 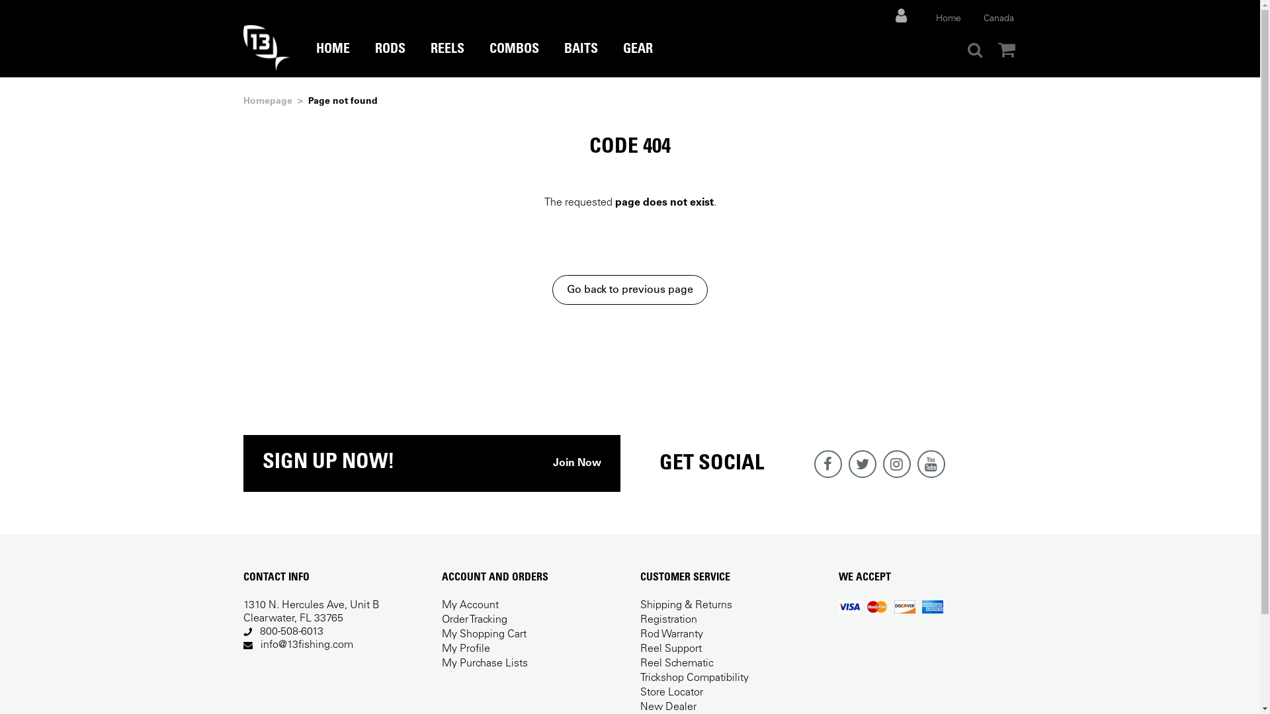 What do you see at coordinates (483, 634) in the screenshot?
I see `'My Shopping Cart'` at bounding box center [483, 634].